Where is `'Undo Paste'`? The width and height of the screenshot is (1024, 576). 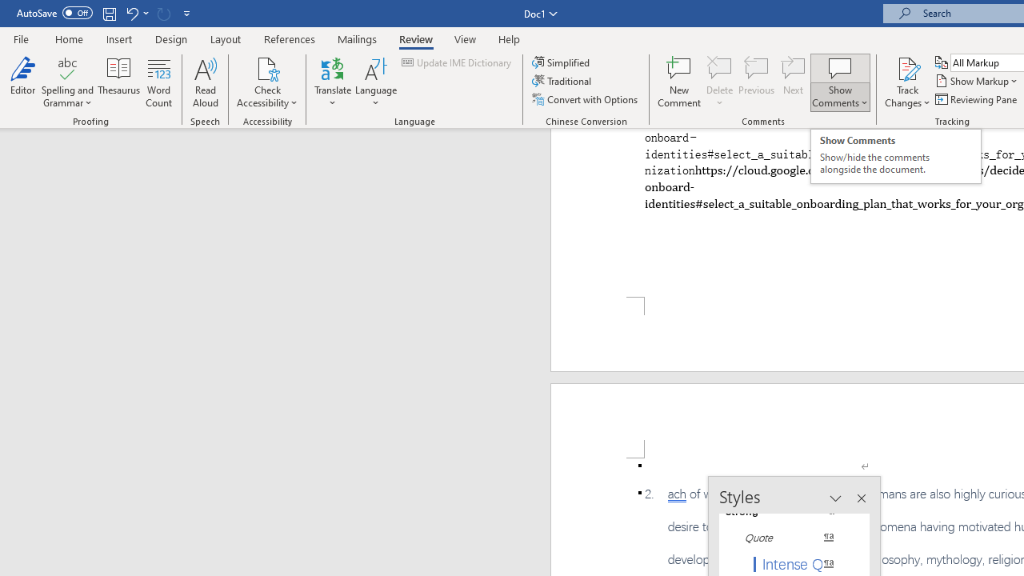
'Undo Paste' is located at coordinates (131, 13).